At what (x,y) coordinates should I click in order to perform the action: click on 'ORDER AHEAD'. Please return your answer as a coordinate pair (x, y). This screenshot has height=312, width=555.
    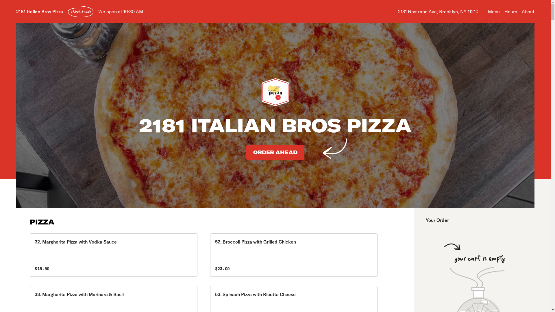
    Looking at the image, I should click on (80, 11).